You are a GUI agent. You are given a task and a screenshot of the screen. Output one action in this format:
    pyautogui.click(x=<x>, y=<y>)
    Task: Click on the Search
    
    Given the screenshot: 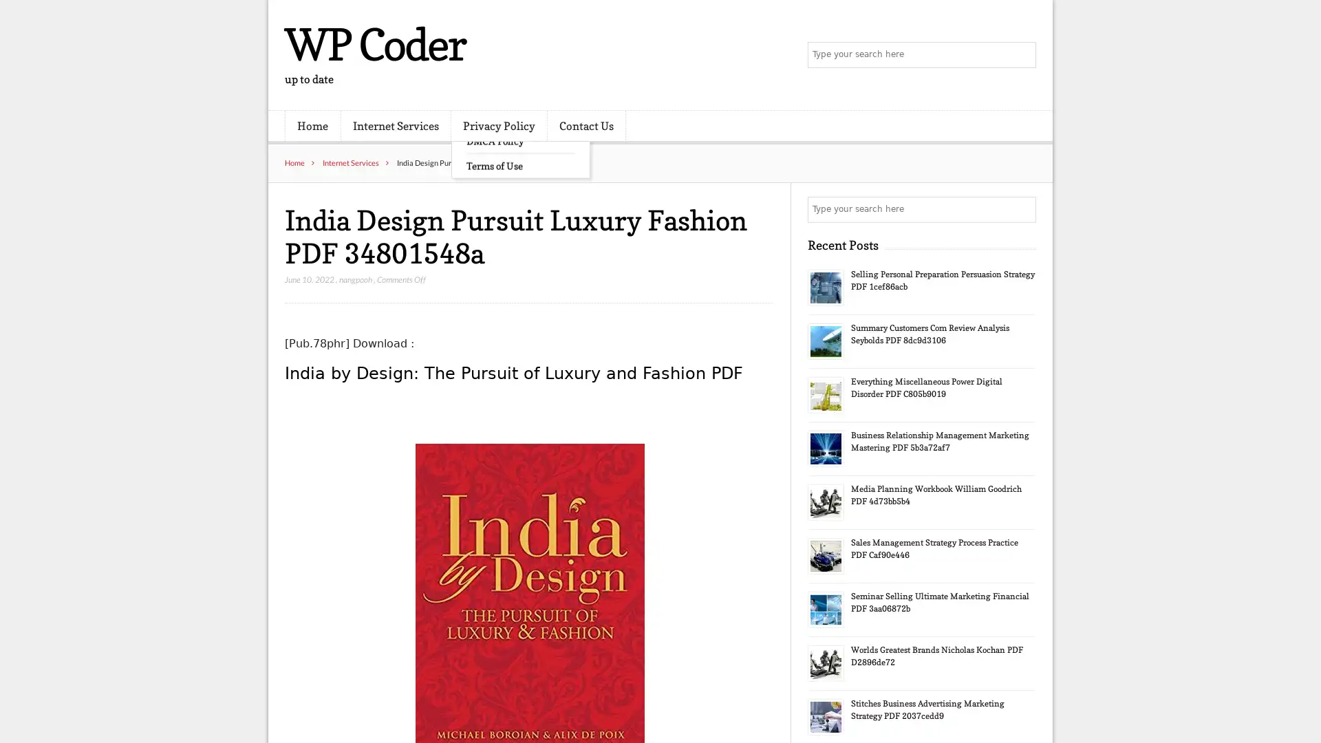 What is the action you would take?
    pyautogui.click(x=1022, y=209)
    